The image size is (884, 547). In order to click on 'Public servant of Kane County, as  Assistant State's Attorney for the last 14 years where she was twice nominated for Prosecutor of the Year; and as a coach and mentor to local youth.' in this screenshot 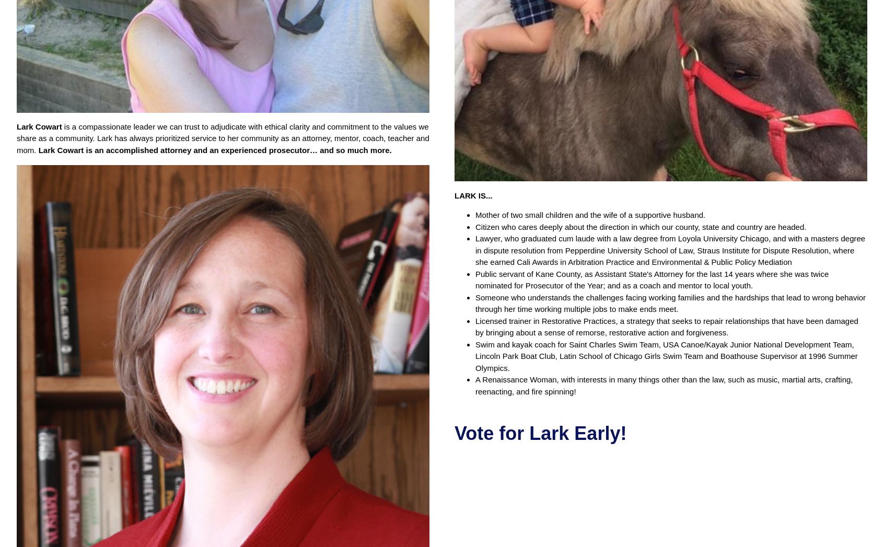, I will do `click(652, 280)`.